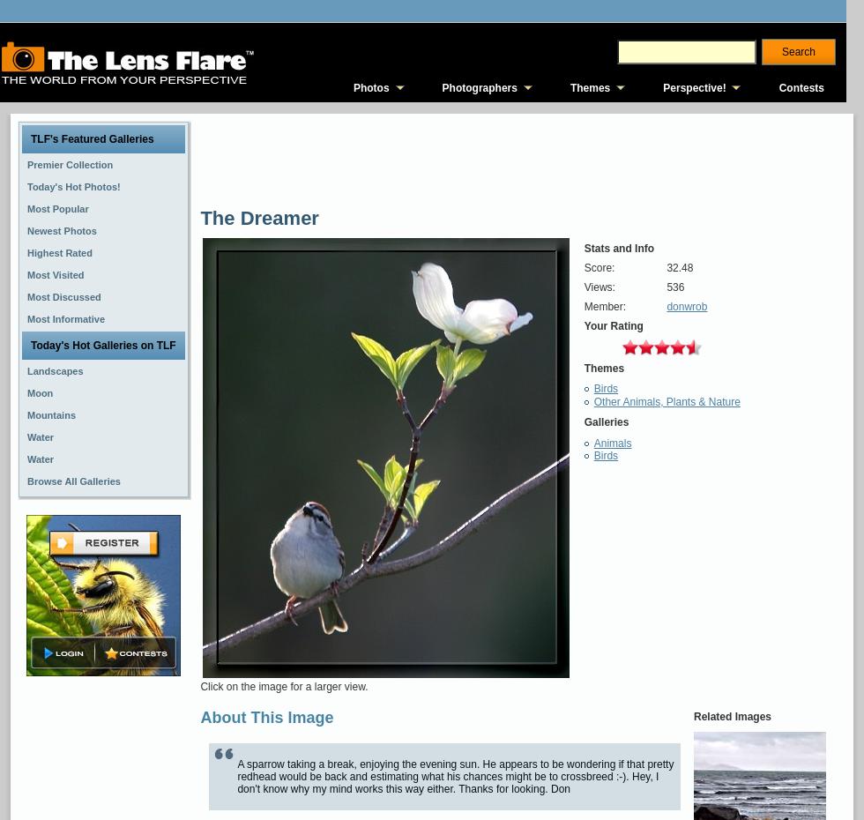 The image size is (864, 820). What do you see at coordinates (674, 286) in the screenshot?
I see `'536'` at bounding box center [674, 286].